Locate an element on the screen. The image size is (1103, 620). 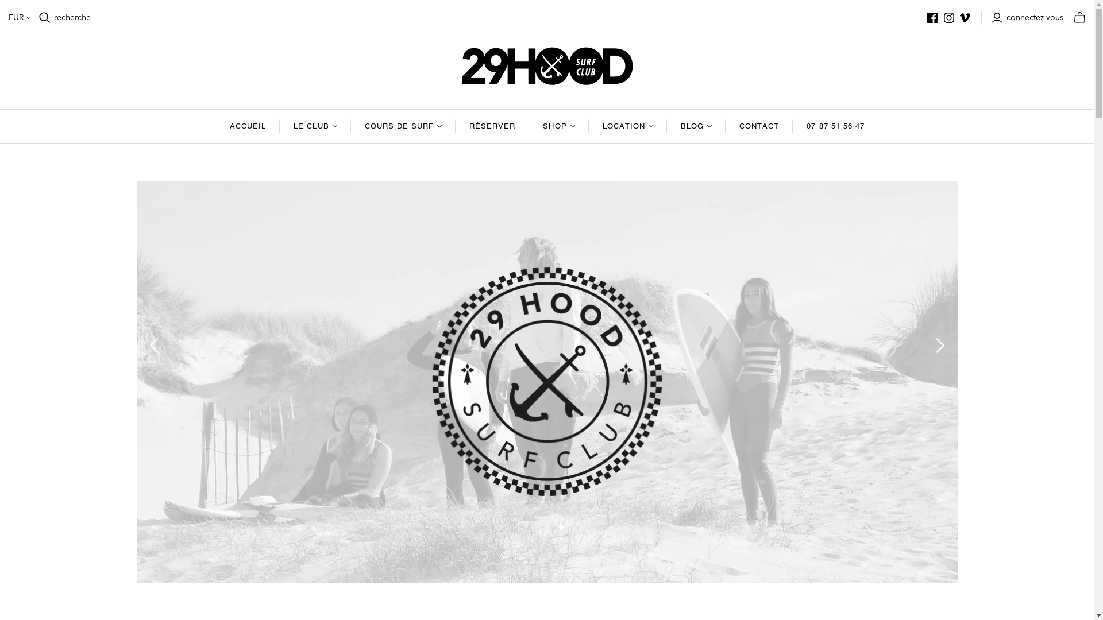
'SHOP' is located at coordinates (558, 126).